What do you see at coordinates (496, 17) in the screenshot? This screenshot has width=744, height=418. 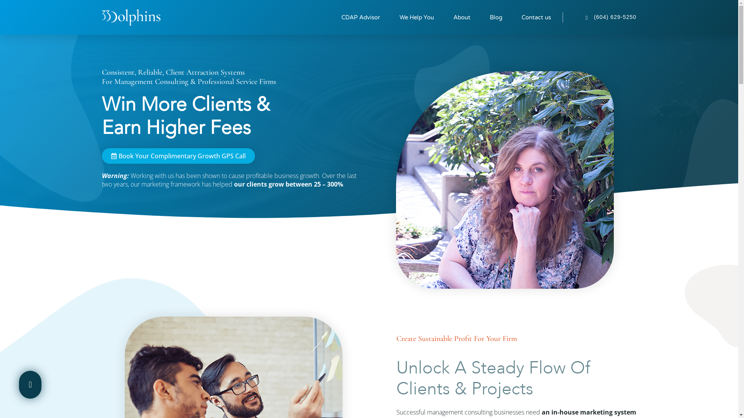 I see `'Blog'` at bounding box center [496, 17].